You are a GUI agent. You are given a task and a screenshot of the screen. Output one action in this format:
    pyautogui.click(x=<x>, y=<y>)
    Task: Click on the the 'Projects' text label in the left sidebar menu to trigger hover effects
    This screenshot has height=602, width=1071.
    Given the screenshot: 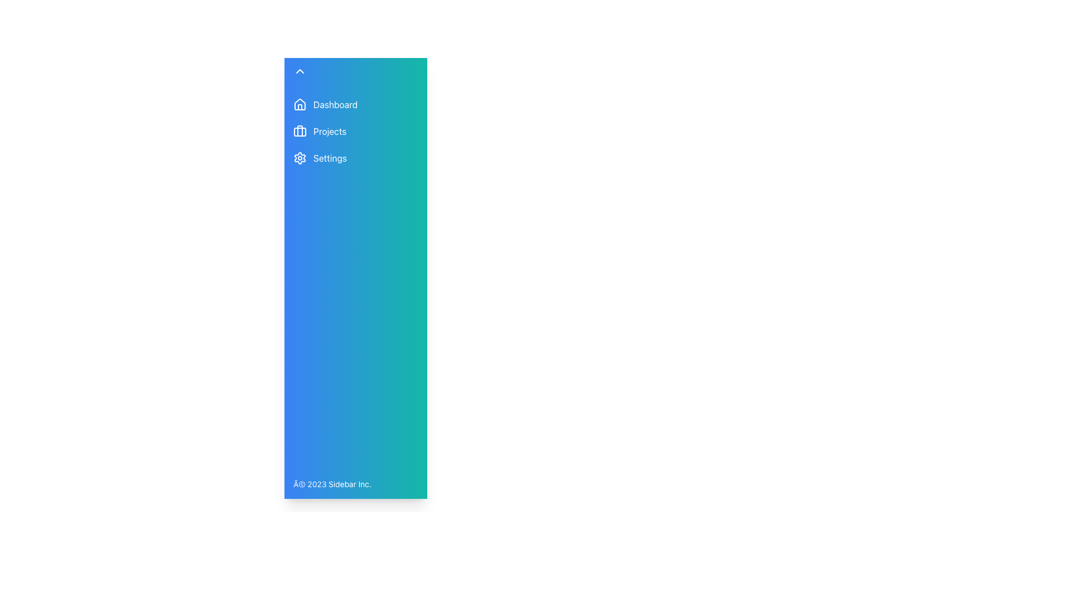 What is the action you would take?
    pyautogui.click(x=329, y=130)
    